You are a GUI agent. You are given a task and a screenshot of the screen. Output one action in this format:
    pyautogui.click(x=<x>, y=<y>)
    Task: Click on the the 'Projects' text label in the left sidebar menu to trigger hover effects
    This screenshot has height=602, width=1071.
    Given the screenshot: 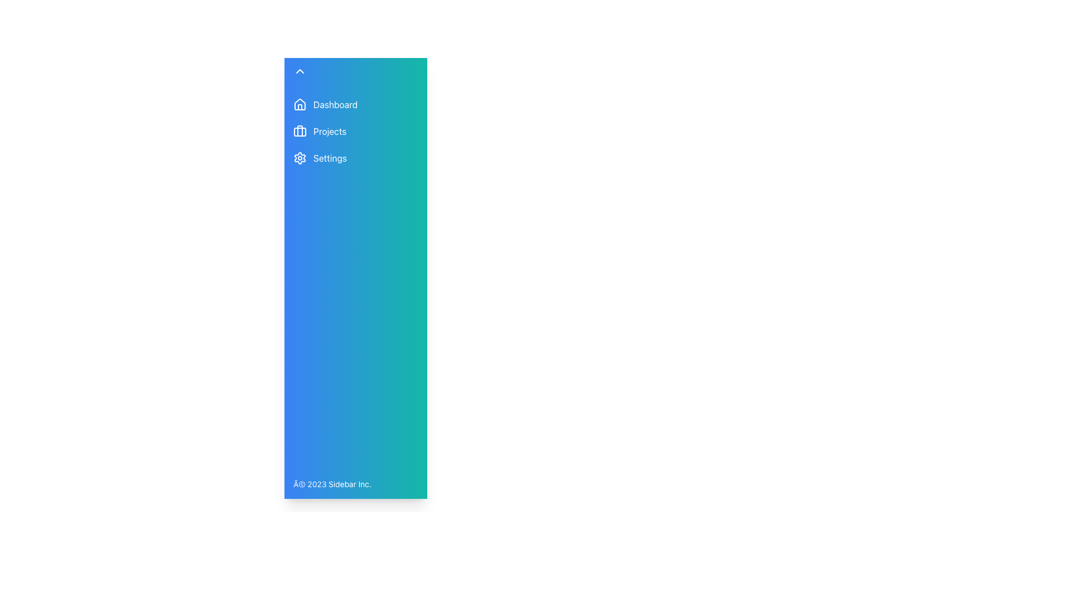 What is the action you would take?
    pyautogui.click(x=329, y=130)
    